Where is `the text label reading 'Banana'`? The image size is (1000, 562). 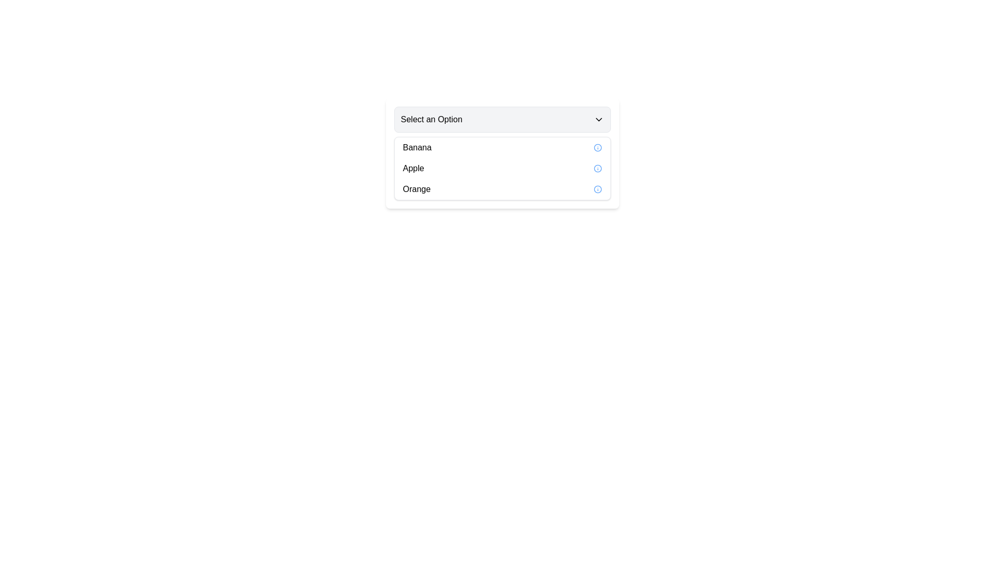
the text label reading 'Banana' is located at coordinates (417, 148).